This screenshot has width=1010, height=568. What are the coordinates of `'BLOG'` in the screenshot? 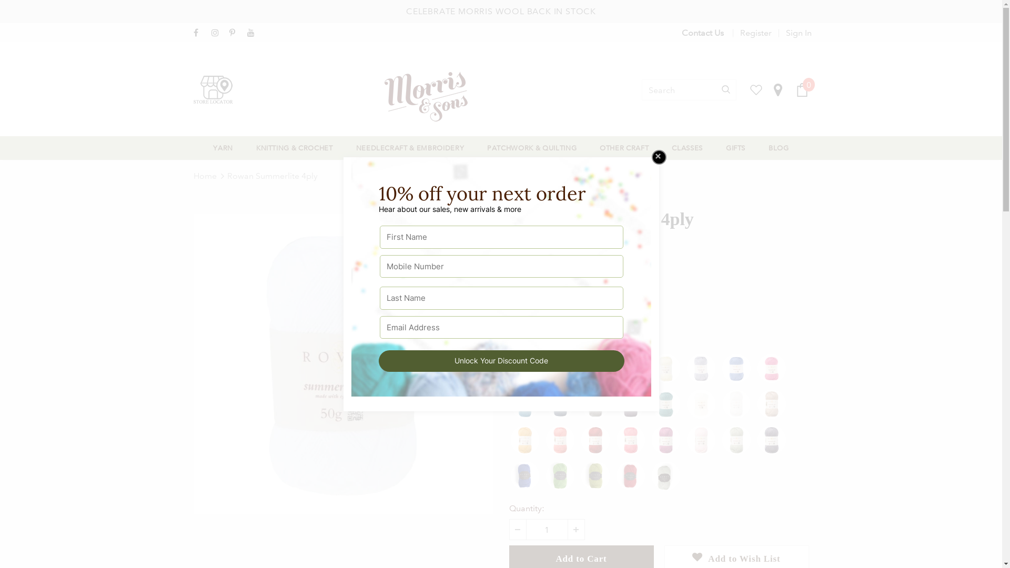 It's located at (779, 148).